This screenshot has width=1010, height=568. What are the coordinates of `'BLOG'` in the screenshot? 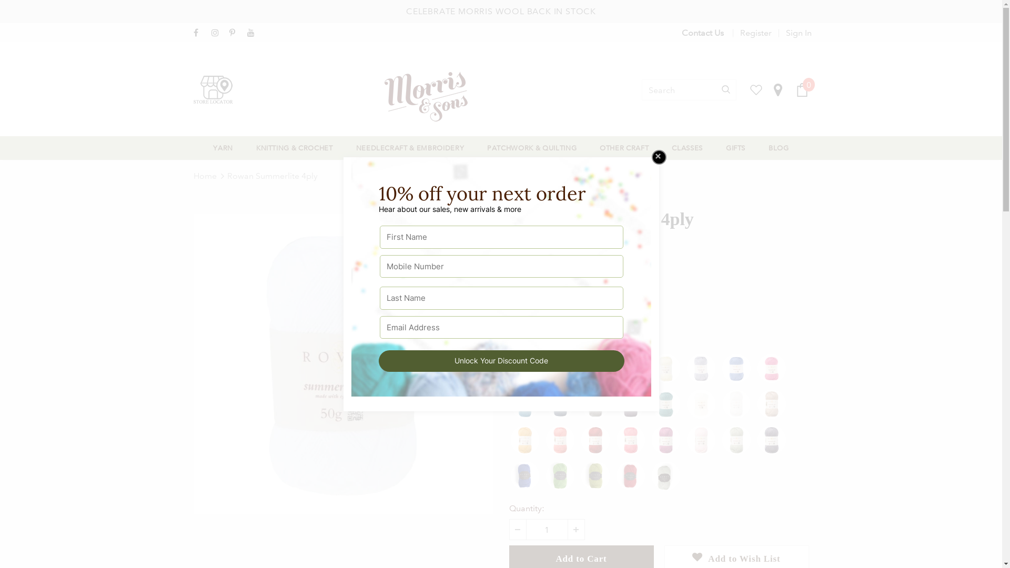 It's located at (779, 148).